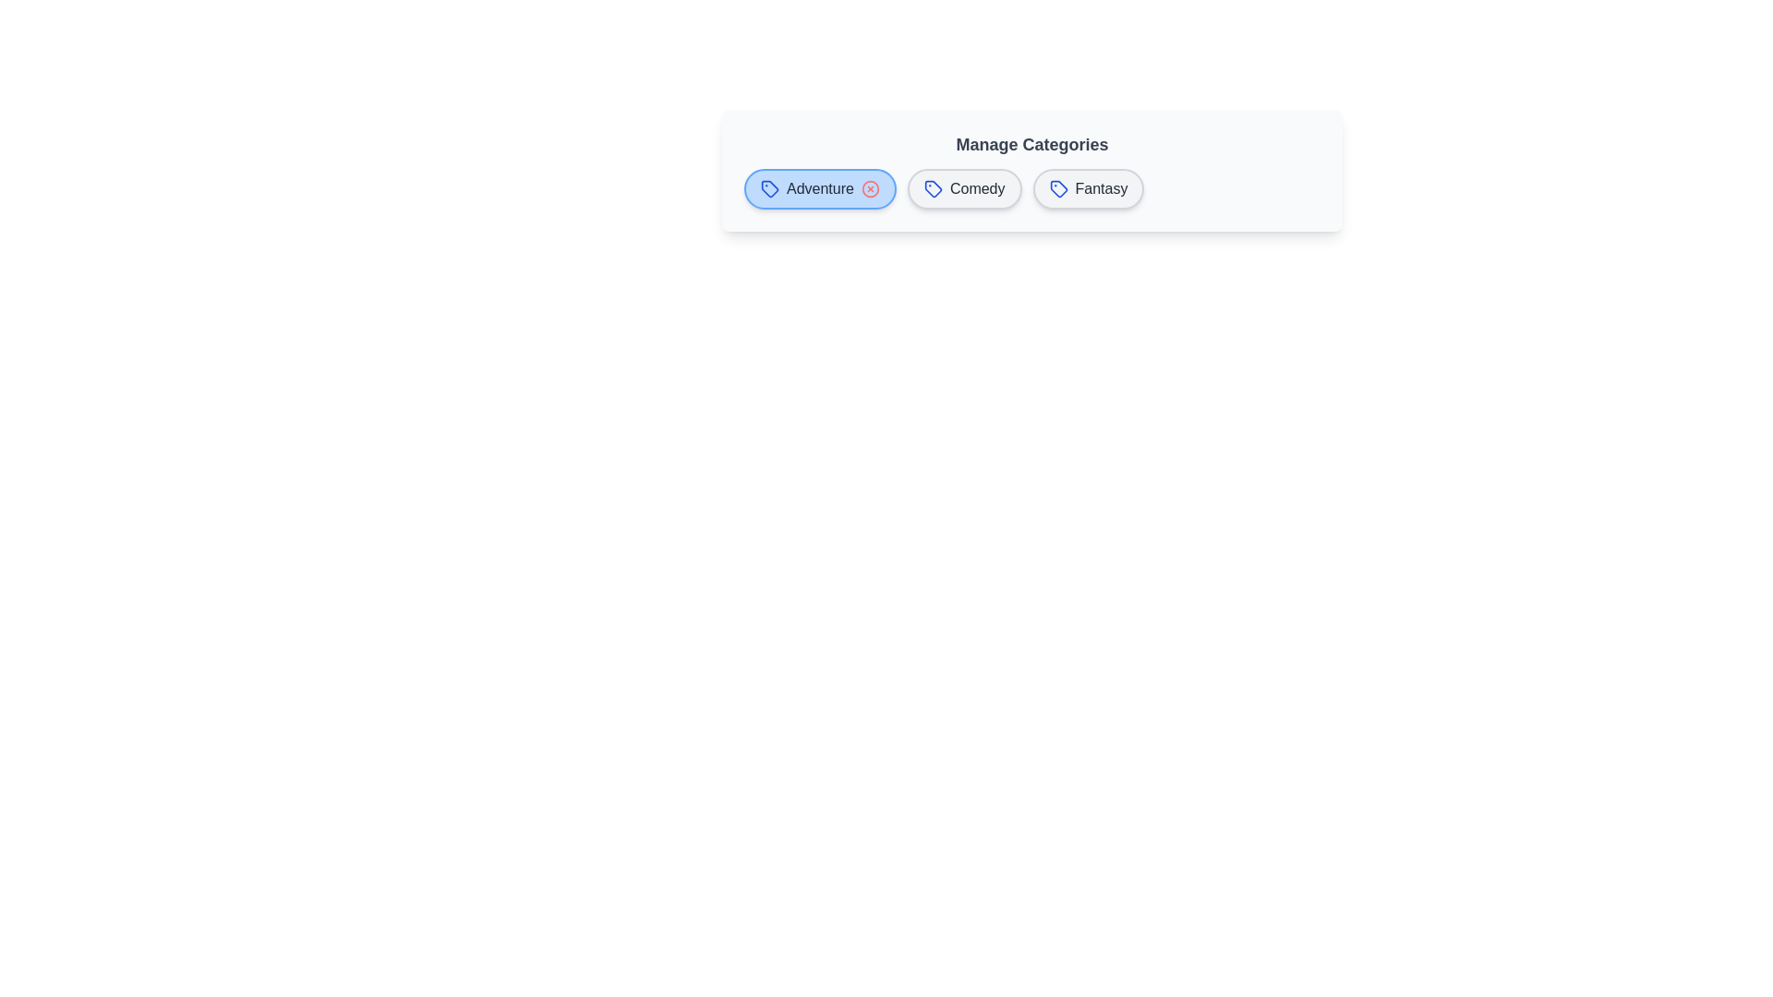  What do you see at coordinates (963, 188) in the screenshot?
I see `the chip labeled Comedy to observe its hover effect` at bounding box center [963, 188].